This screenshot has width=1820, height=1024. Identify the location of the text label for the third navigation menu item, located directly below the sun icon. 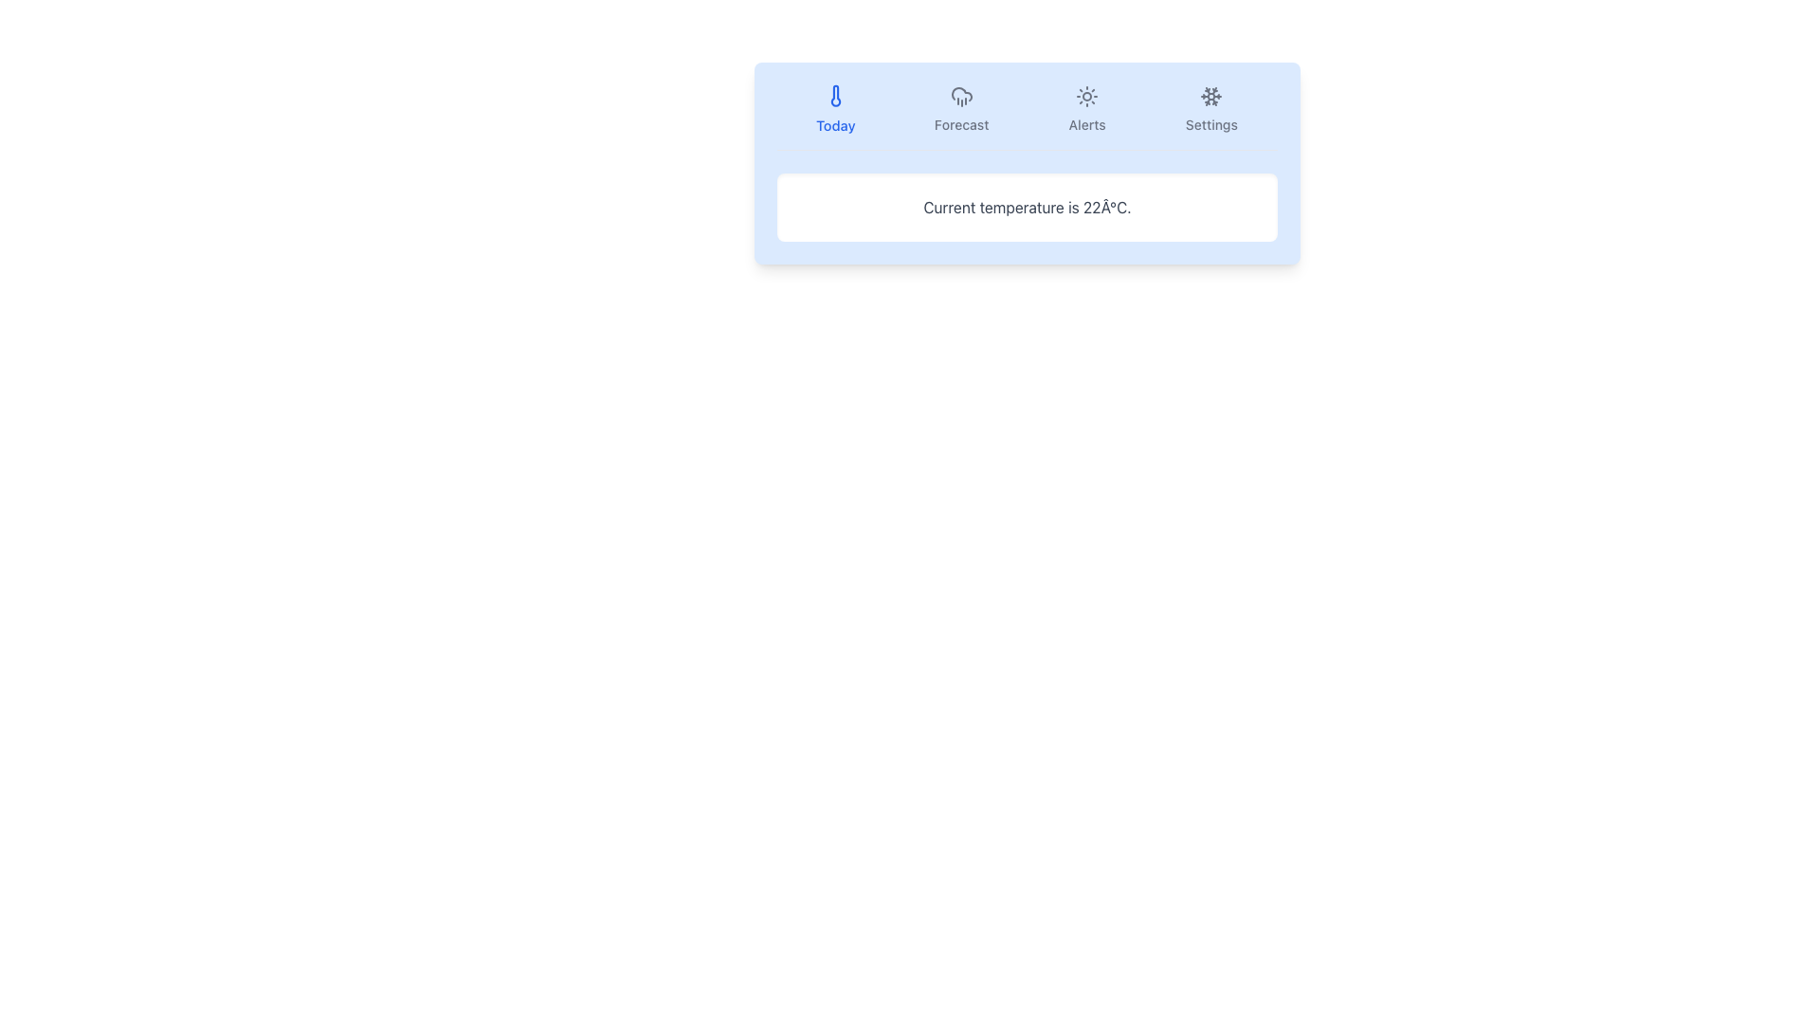
(1087, 124).